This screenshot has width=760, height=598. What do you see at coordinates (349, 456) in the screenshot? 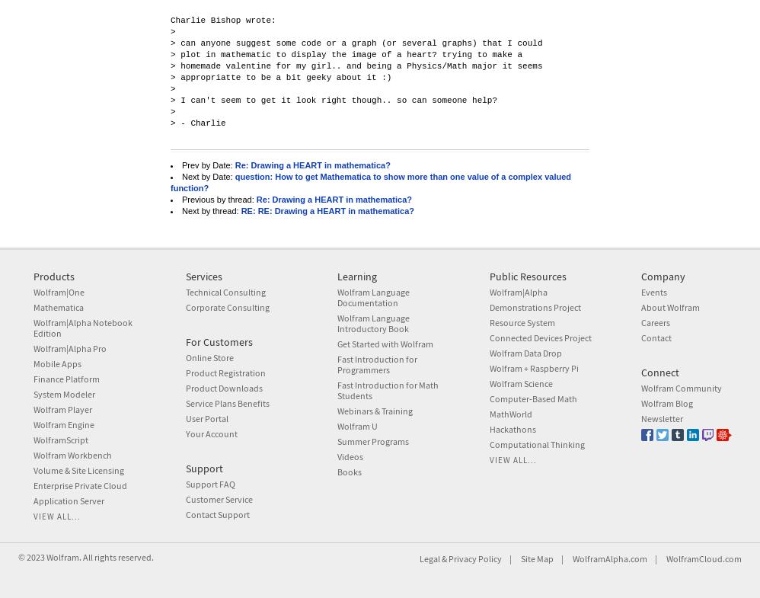
I see `'Videos'` at bounding box center [349, 456].